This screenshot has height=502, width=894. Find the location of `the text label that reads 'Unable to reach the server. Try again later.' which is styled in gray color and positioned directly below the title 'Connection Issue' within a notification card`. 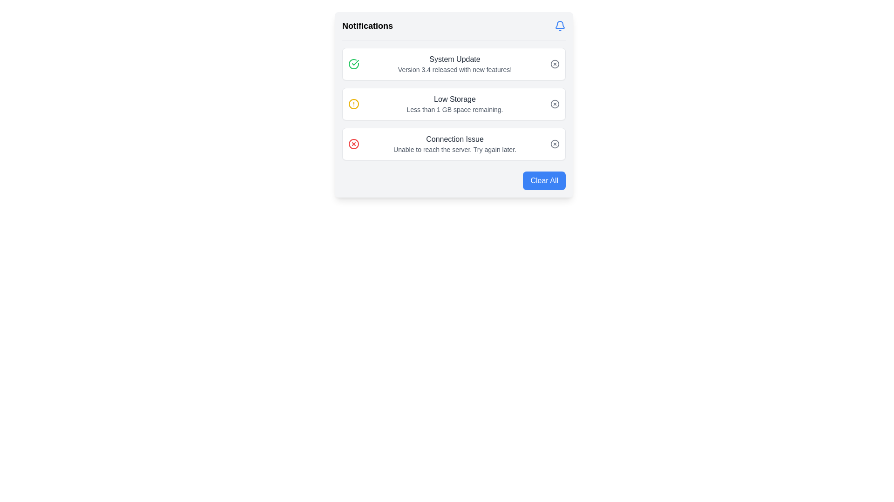

the text label that reads 'Unable to reach the server. Try again later.' which is styled in gray color and positioned directly below the title 'Connection Issue' within a notification card is located at coordinates (455, 149).